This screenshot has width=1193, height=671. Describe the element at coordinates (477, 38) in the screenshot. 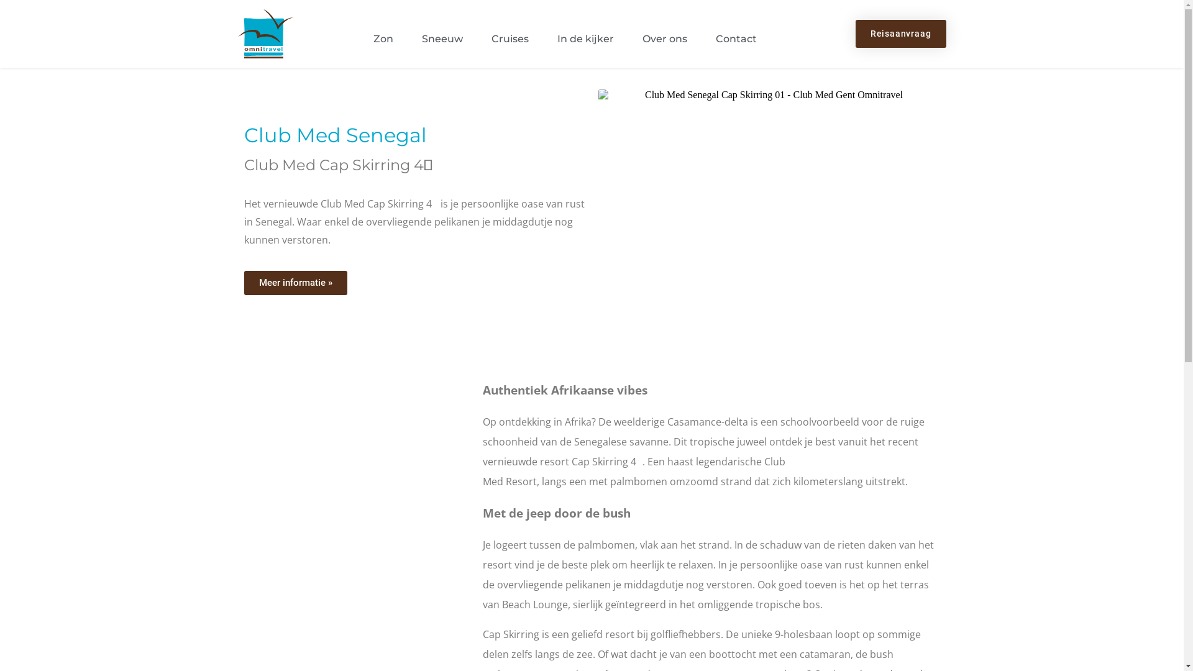

I see `'Cruises'` at that location.